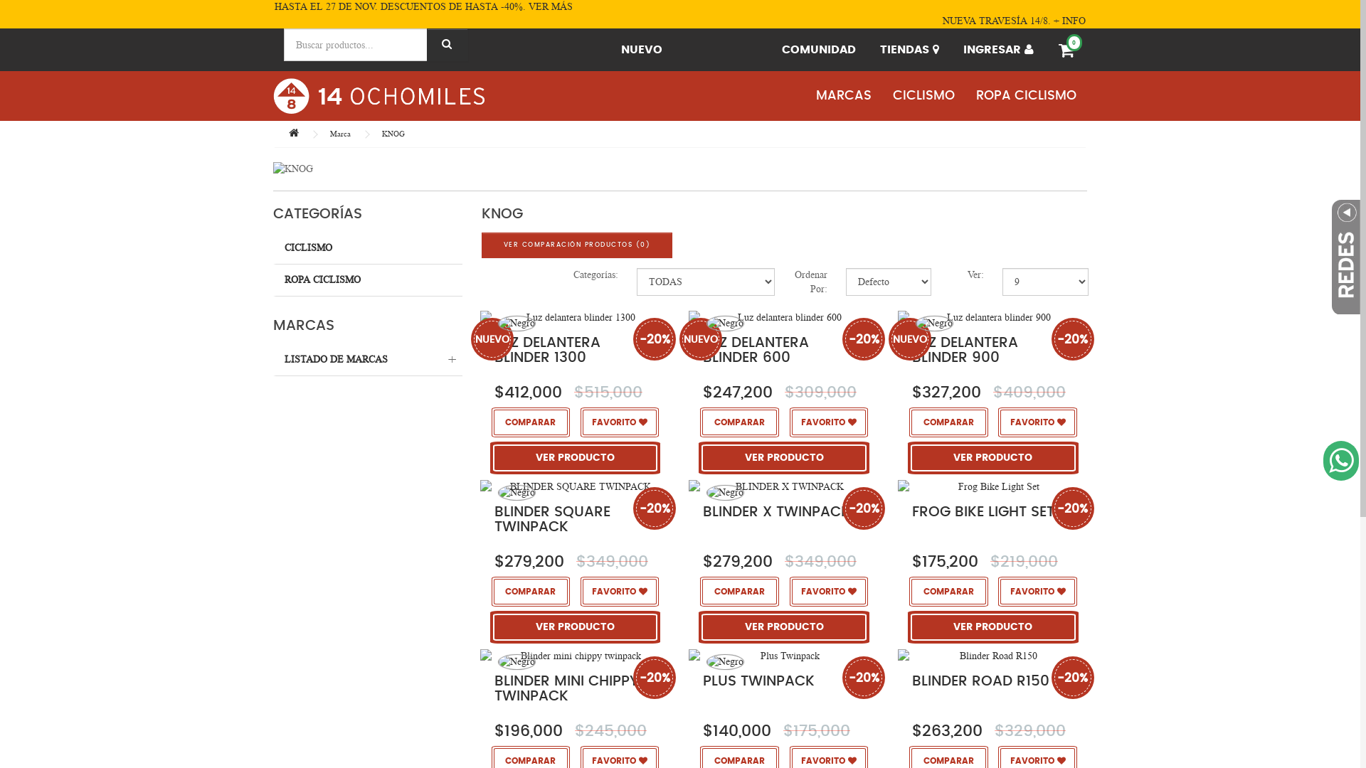 The width and height of the screenshot is (1366, 768). Describe the element at coordinates (843, 96) in the screenshot. I see `'MARCAS'` at that location.